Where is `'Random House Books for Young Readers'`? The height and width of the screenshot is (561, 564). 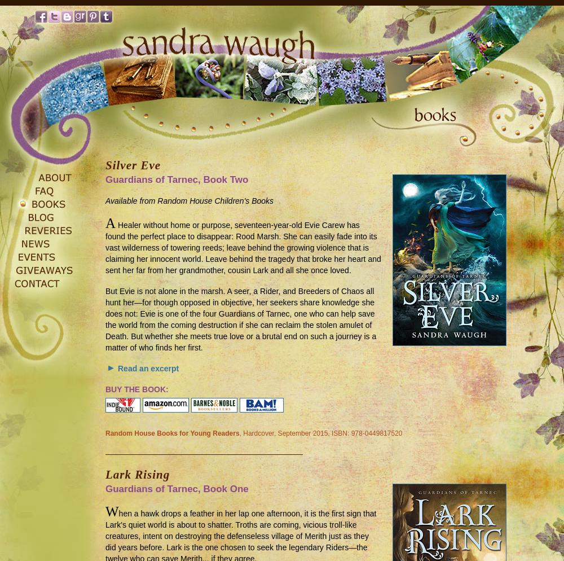
'Random House Books for Young Readers' is located at coordinates (105, 432).